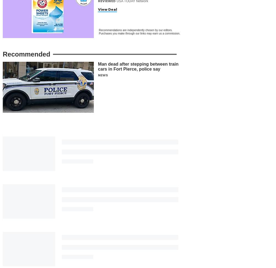  I want to click on 'Subscribe Today', so click(128, 217).